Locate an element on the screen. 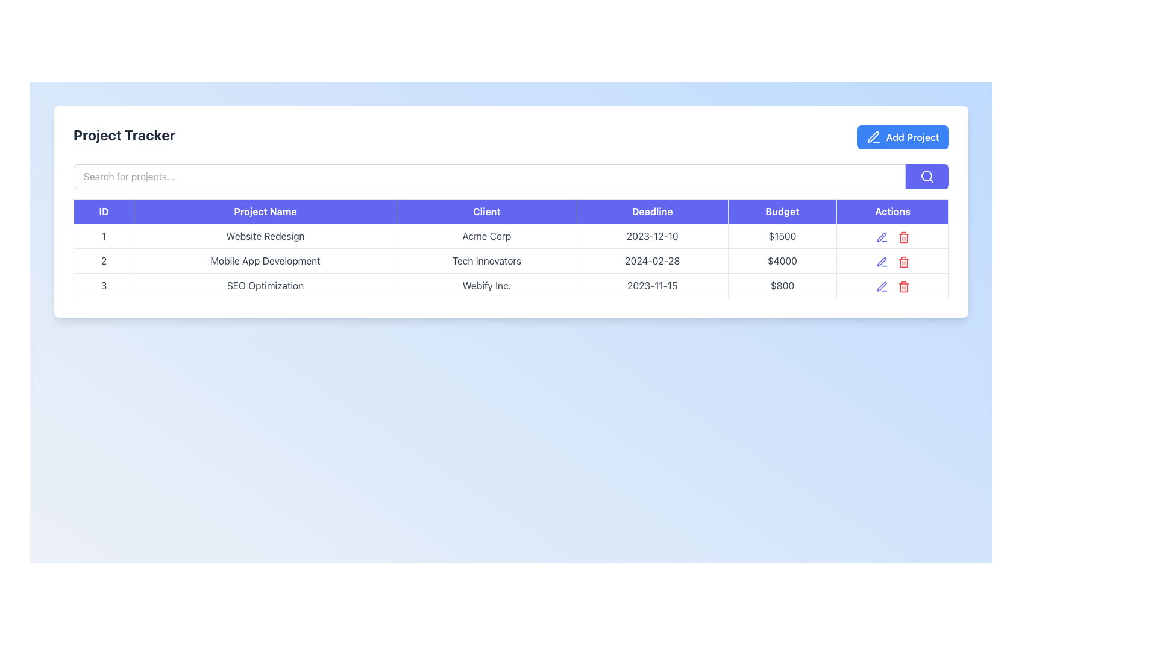 The image size is (1157, 651). the red-colored trash can icon located is located at coordinates (903, 261).